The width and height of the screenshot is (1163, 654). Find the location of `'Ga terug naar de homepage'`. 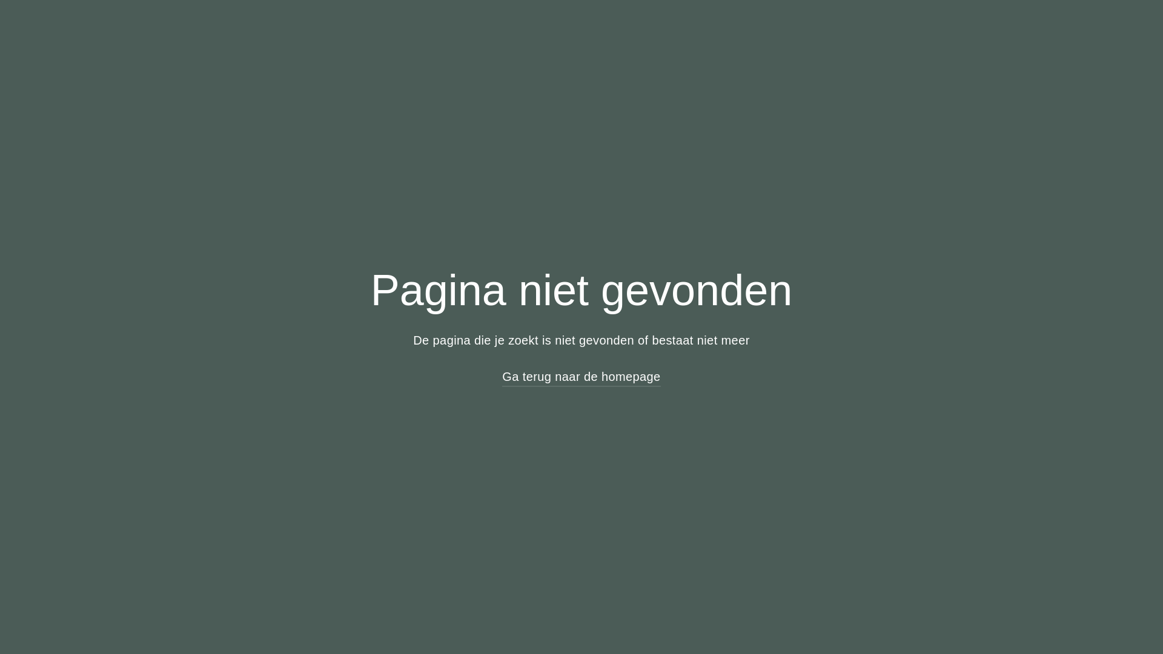

'Ga terug naar de homepage' is located at coordinates (580, 375).